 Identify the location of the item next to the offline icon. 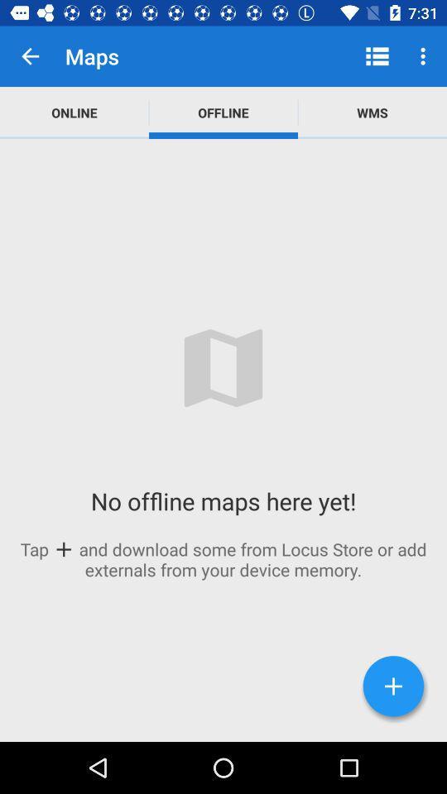
(74, 112).